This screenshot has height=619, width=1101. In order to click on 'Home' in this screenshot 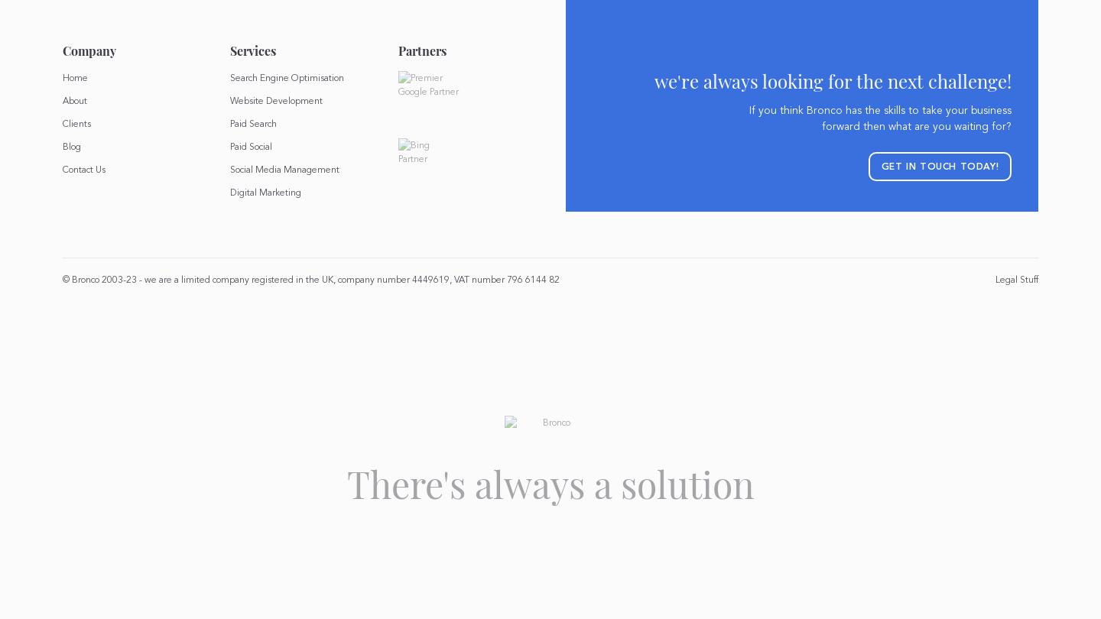, I will do `click(74, 77)`.